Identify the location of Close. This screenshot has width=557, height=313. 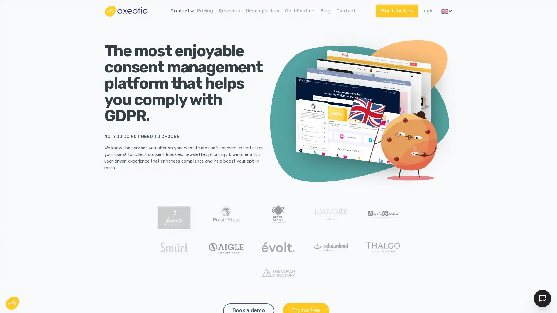
(12, 303).